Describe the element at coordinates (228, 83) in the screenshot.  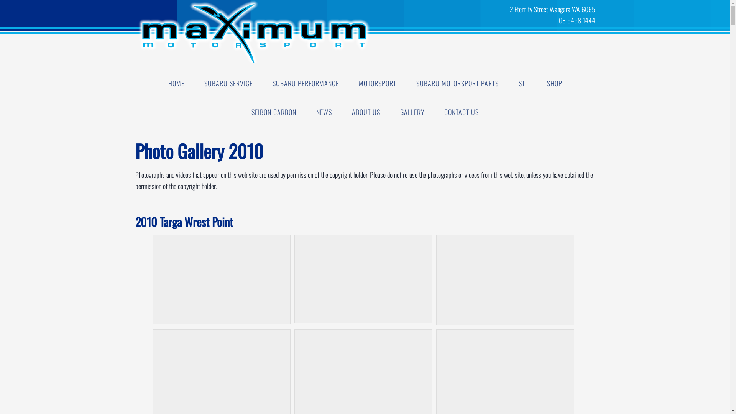
I see `'SUBARU SERVICE'` at that location.